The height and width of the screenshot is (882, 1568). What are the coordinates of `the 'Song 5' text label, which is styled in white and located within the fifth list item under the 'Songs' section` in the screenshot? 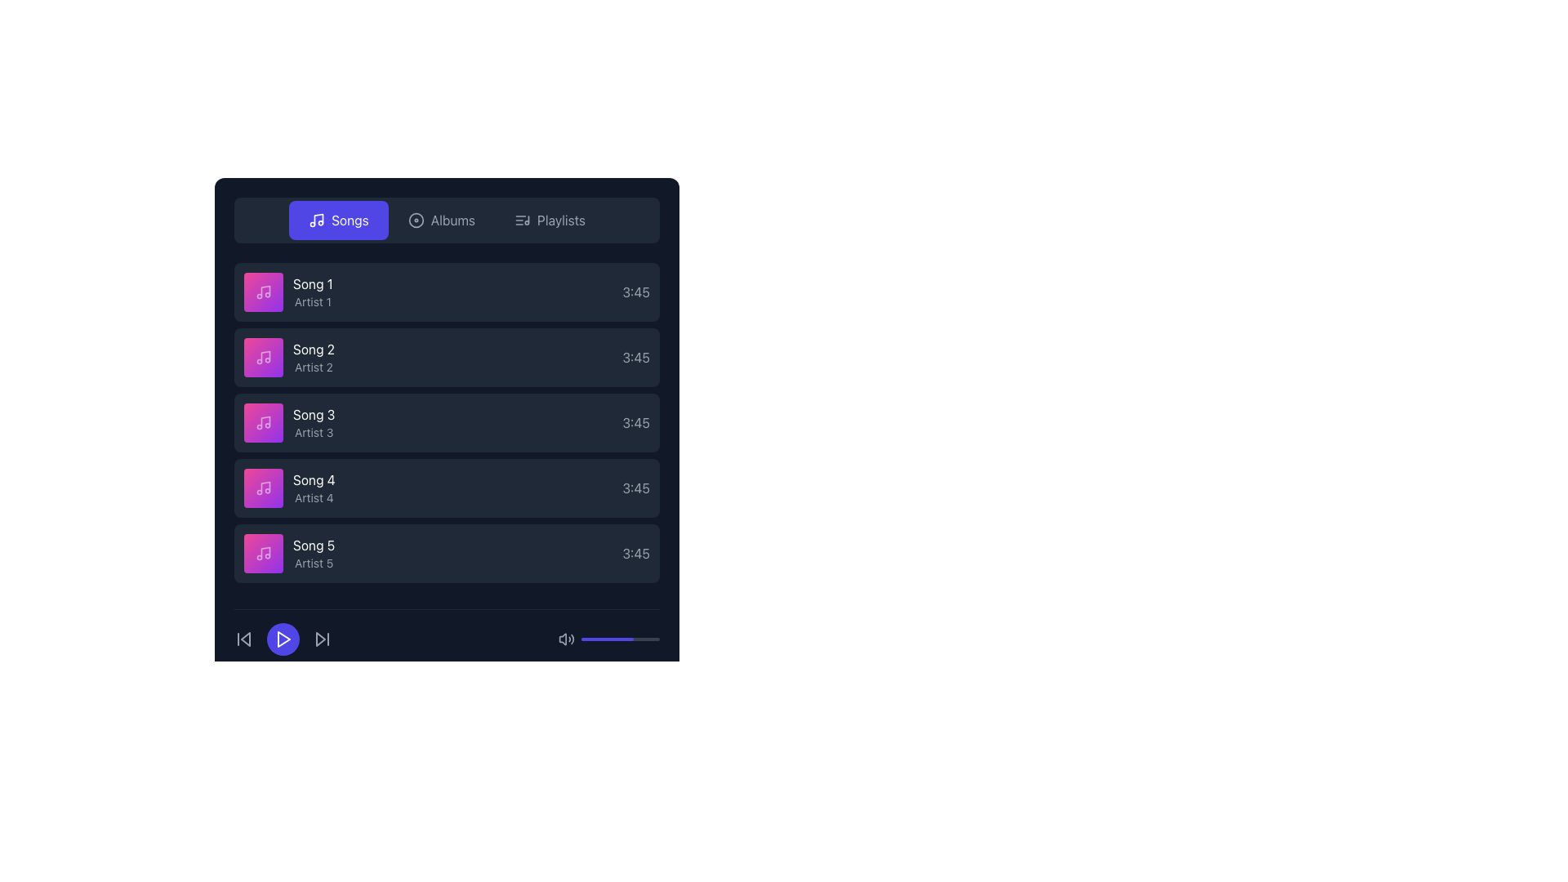 It's located at (314, 545).